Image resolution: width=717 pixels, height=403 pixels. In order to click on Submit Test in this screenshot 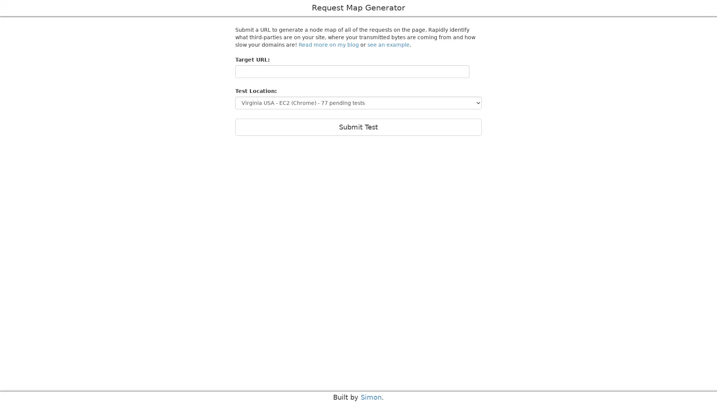, I will do `click(358, 126)`.